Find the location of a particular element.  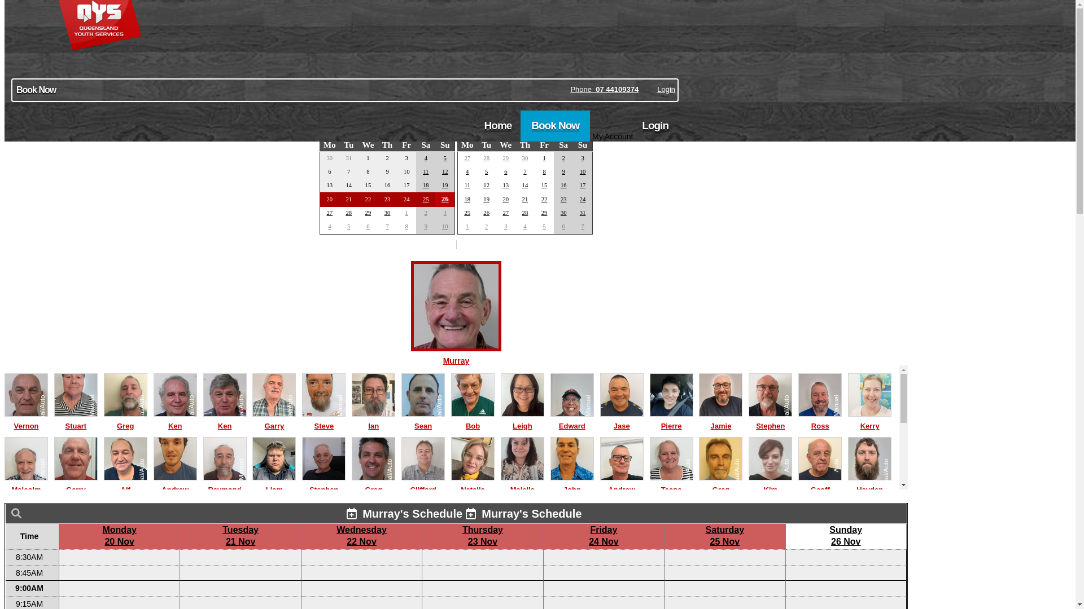

'5' is located at coordinates (348, 226).